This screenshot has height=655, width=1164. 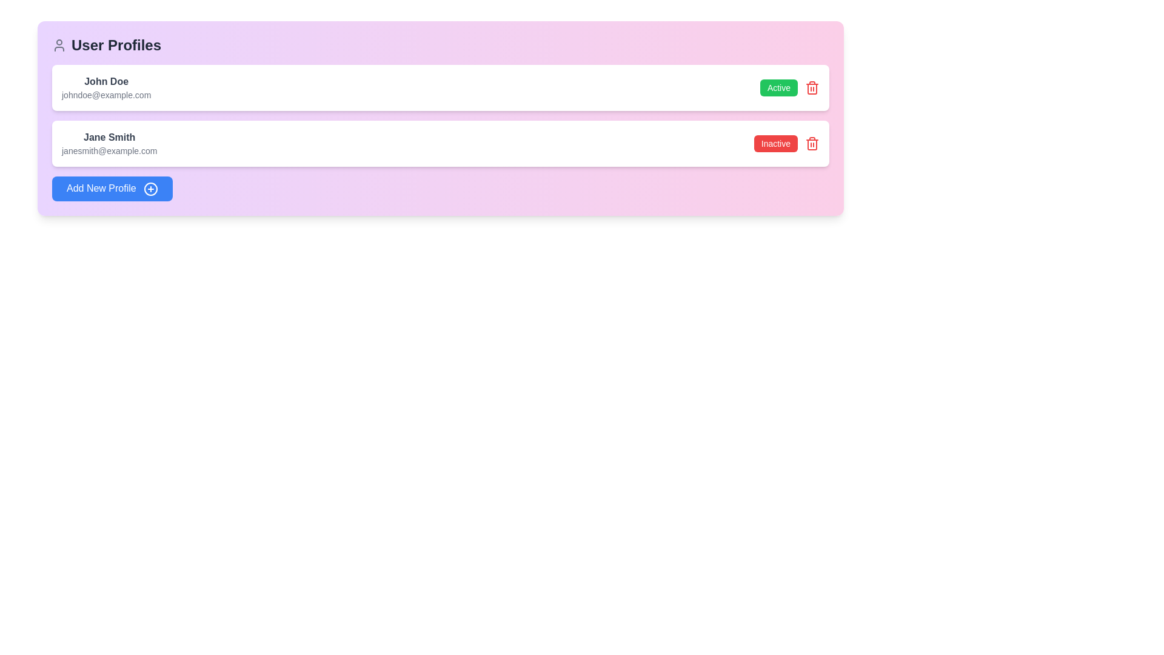 What do you see at coordinates (112, 189) in the screenshot?
I see `the 'Add New User Profile' button located at the bottom of the user profiles list to initiate adding a new profile` at bounding box center [112, 189].